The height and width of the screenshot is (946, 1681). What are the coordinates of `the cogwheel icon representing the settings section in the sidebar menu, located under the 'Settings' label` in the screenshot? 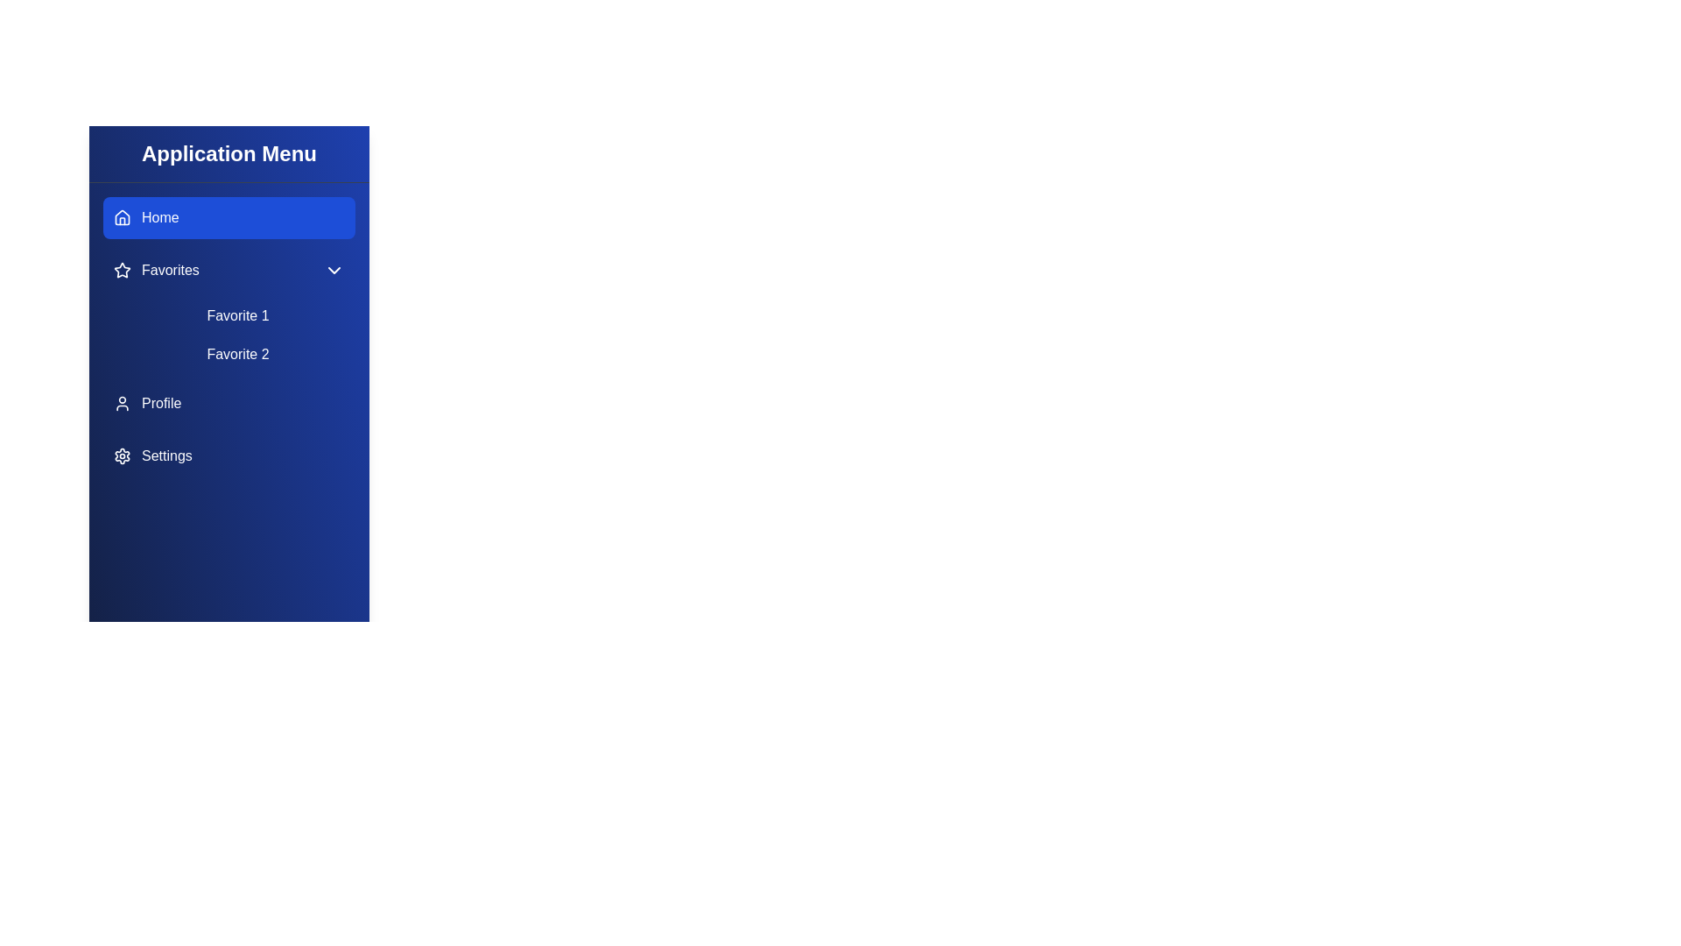 It's located at (121, 455).